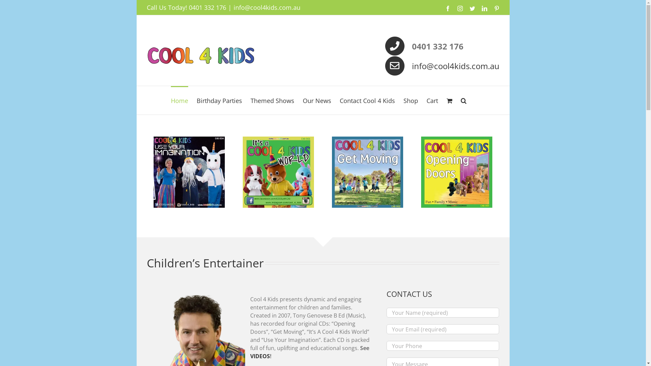 This screenshot has height=366, width=651. What do you see at coordinates (317, 100) in the screenshot?
I see `'Our News'` at bounding box center [317, 100].